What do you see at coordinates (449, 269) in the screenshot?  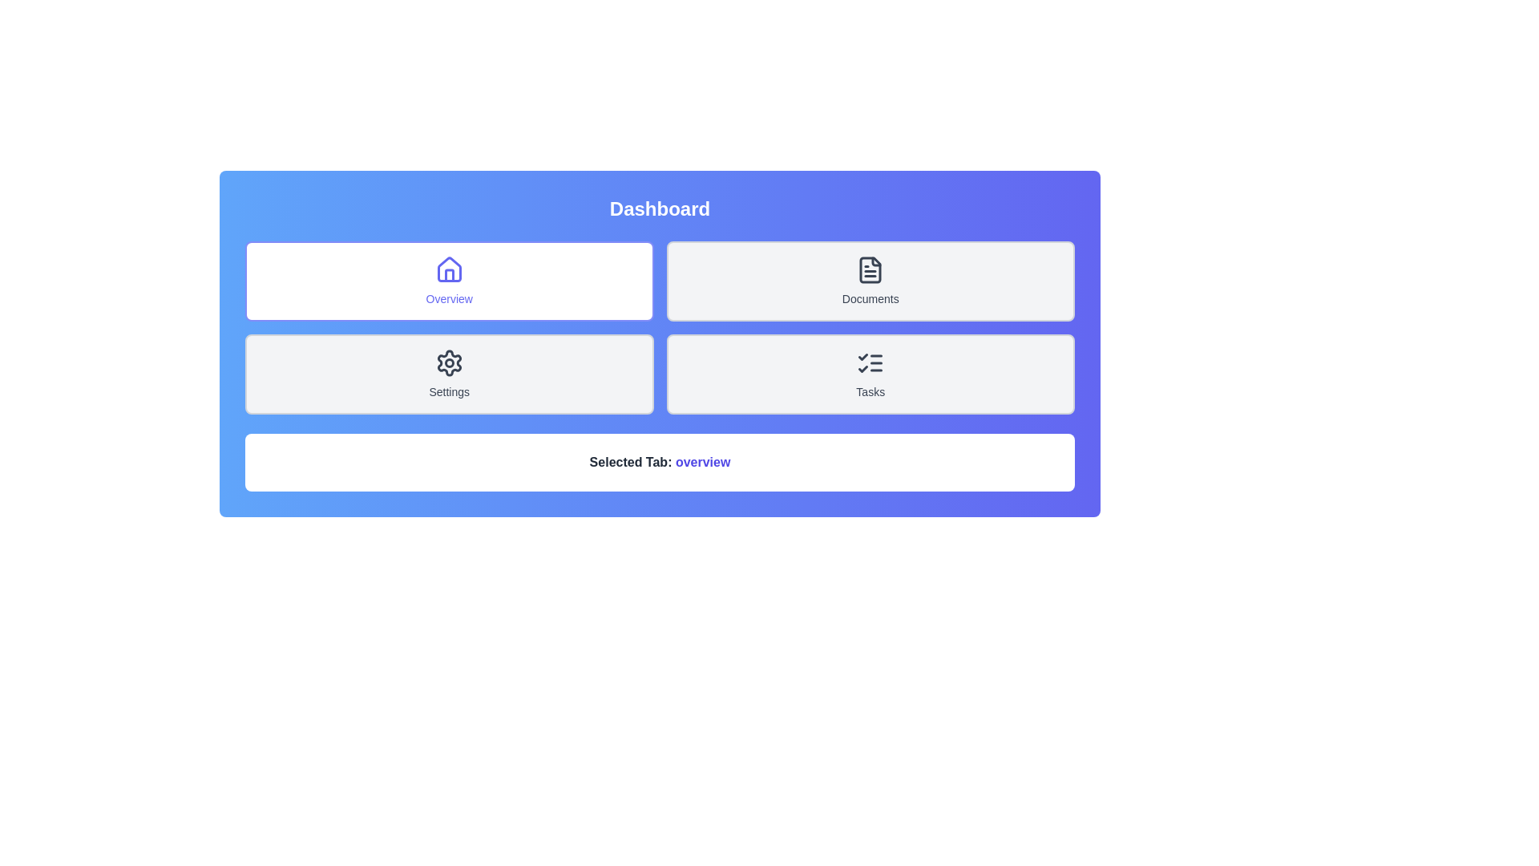 I see `the purple house icon located above the 'Overview' text in the top-left corner of the interface` at bounding box center [449, 269].